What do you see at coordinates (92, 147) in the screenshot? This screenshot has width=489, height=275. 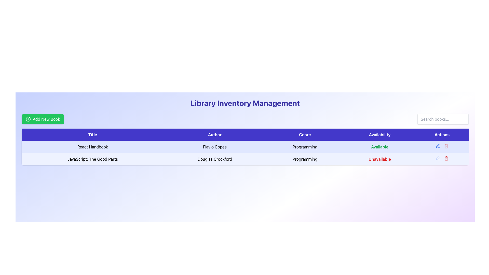 I see `the text label representing the title of a book in the library's inventory, which is the first item in the 'Title' column of the table layout` at bounding box center [92, 147].